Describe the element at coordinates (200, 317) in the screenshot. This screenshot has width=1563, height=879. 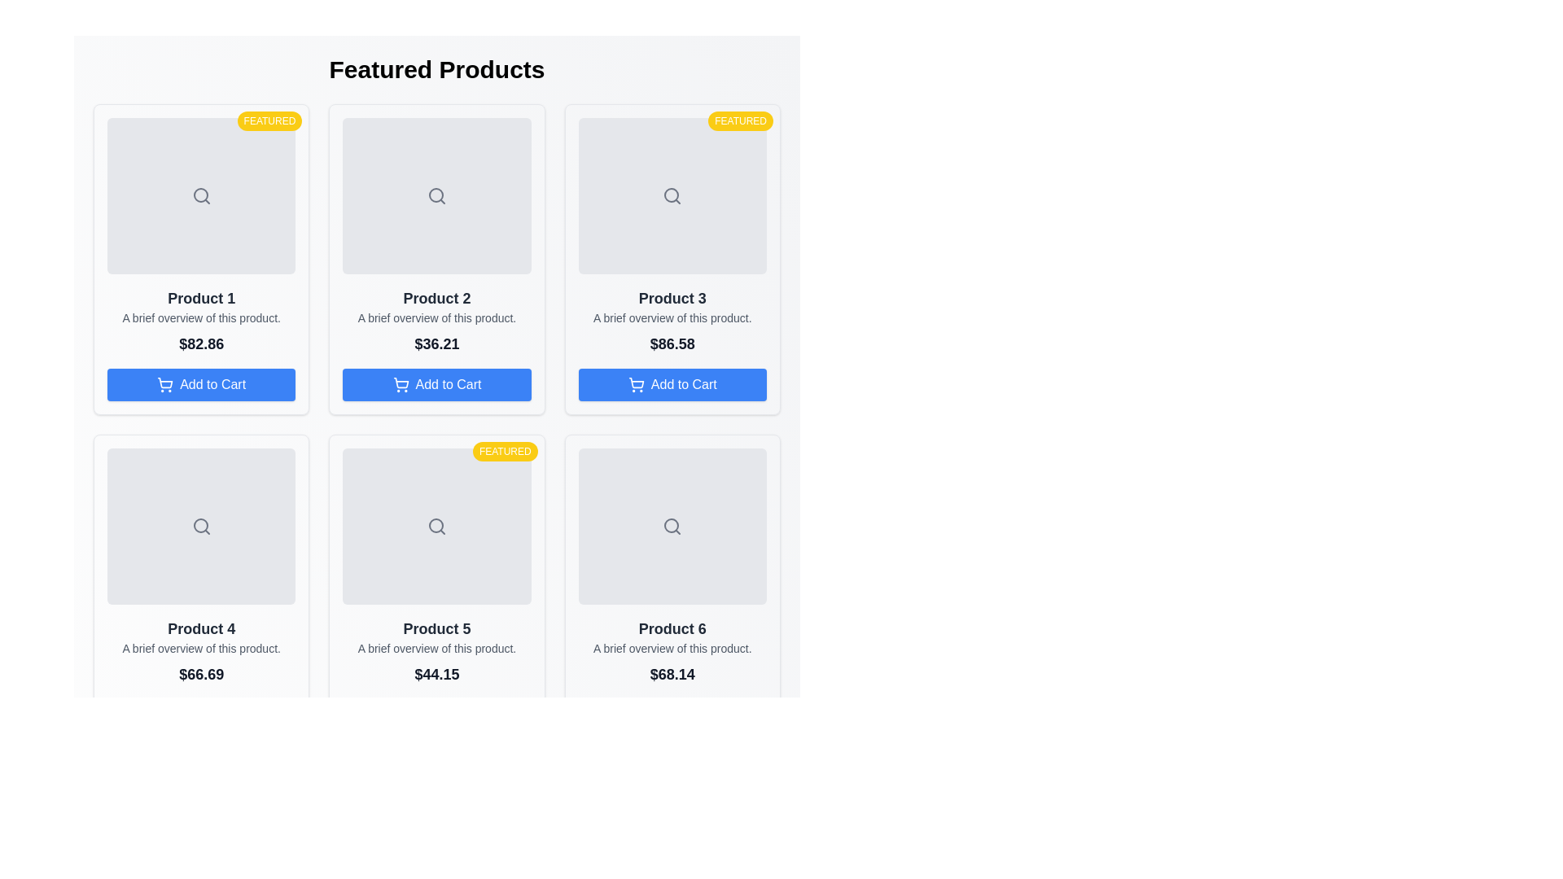
I see `the static text block containing the phrase 'A brief overview of this product.' which is located below 'Product 1' in the first product card` at that location.